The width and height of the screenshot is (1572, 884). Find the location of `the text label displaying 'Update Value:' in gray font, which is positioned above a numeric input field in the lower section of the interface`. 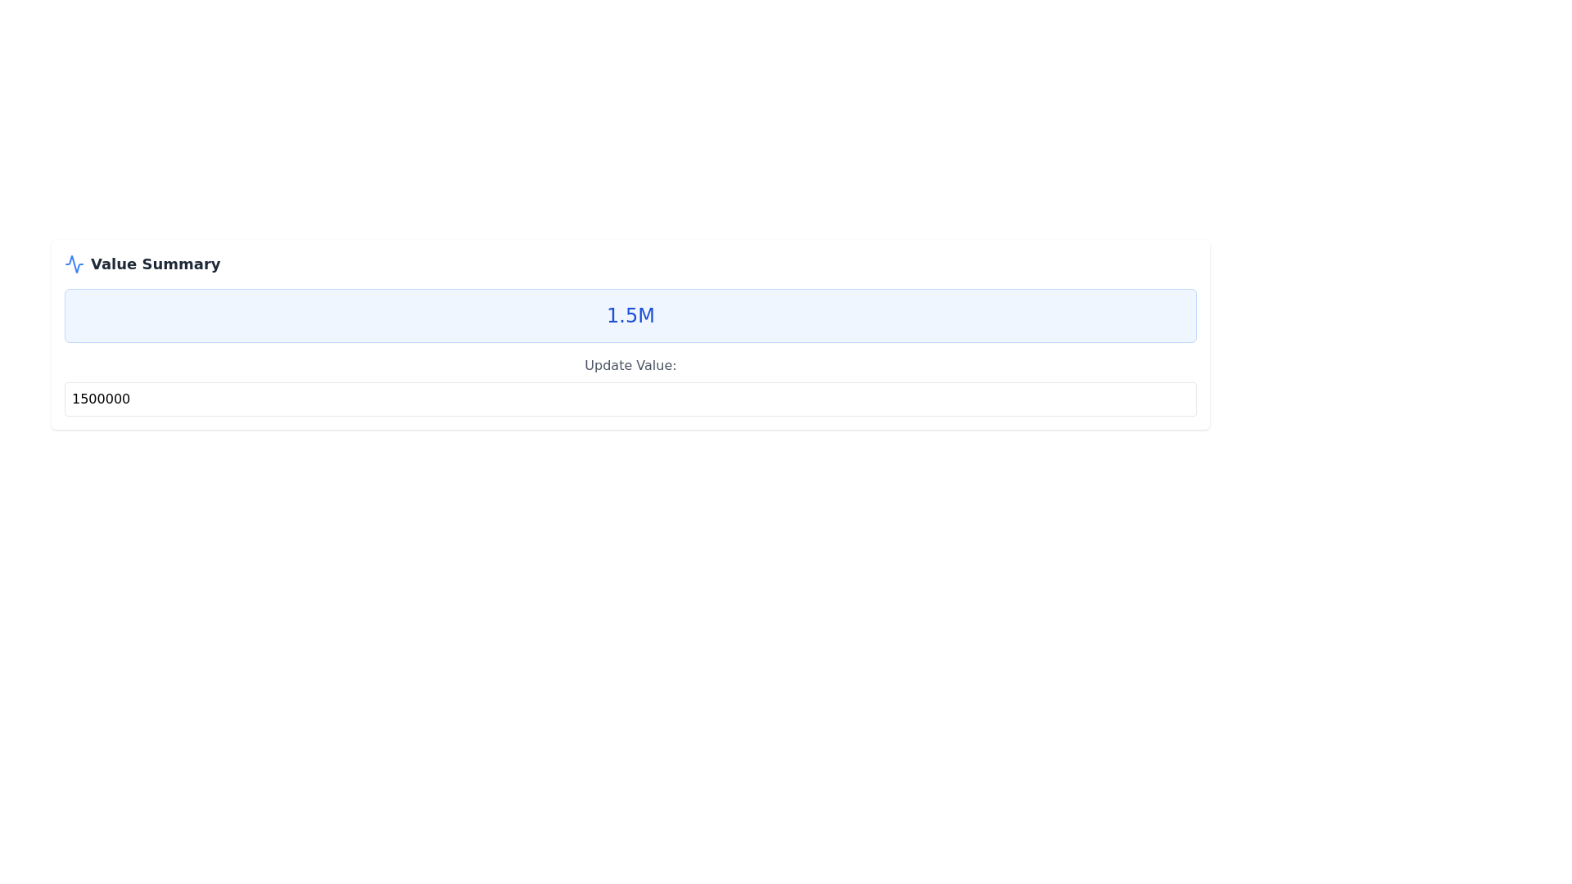

the text label displaying 'Update Value:' in gray font, which is positioned above a numeric input field in the lower section of the interface is located at coordinates (630, 365).